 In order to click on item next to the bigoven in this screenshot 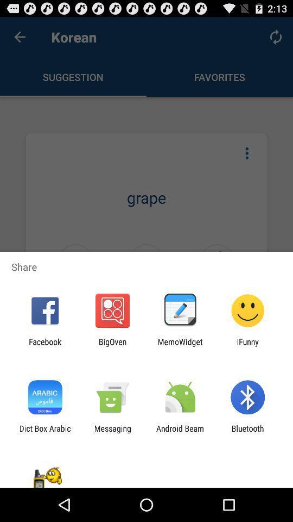, I will do `click(44, 346)`.